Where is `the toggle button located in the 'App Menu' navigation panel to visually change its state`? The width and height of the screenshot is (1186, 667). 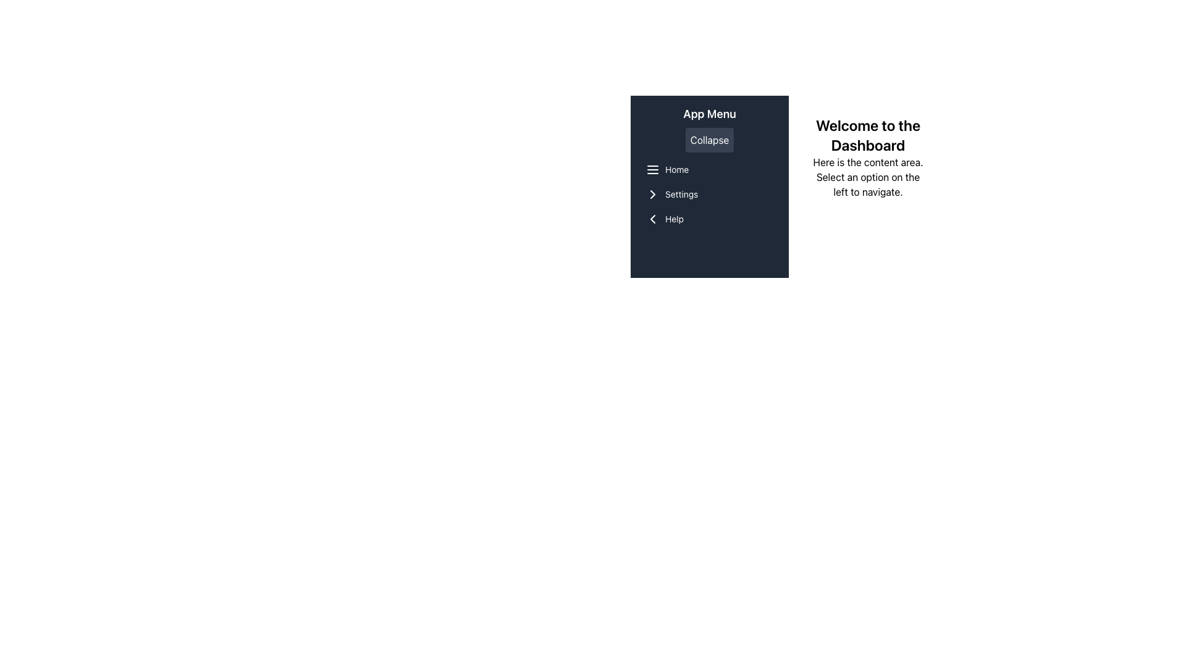
the toggle button located in the 'App Menu' navigation panel to visually change its state is located at coordinates (709, 140).